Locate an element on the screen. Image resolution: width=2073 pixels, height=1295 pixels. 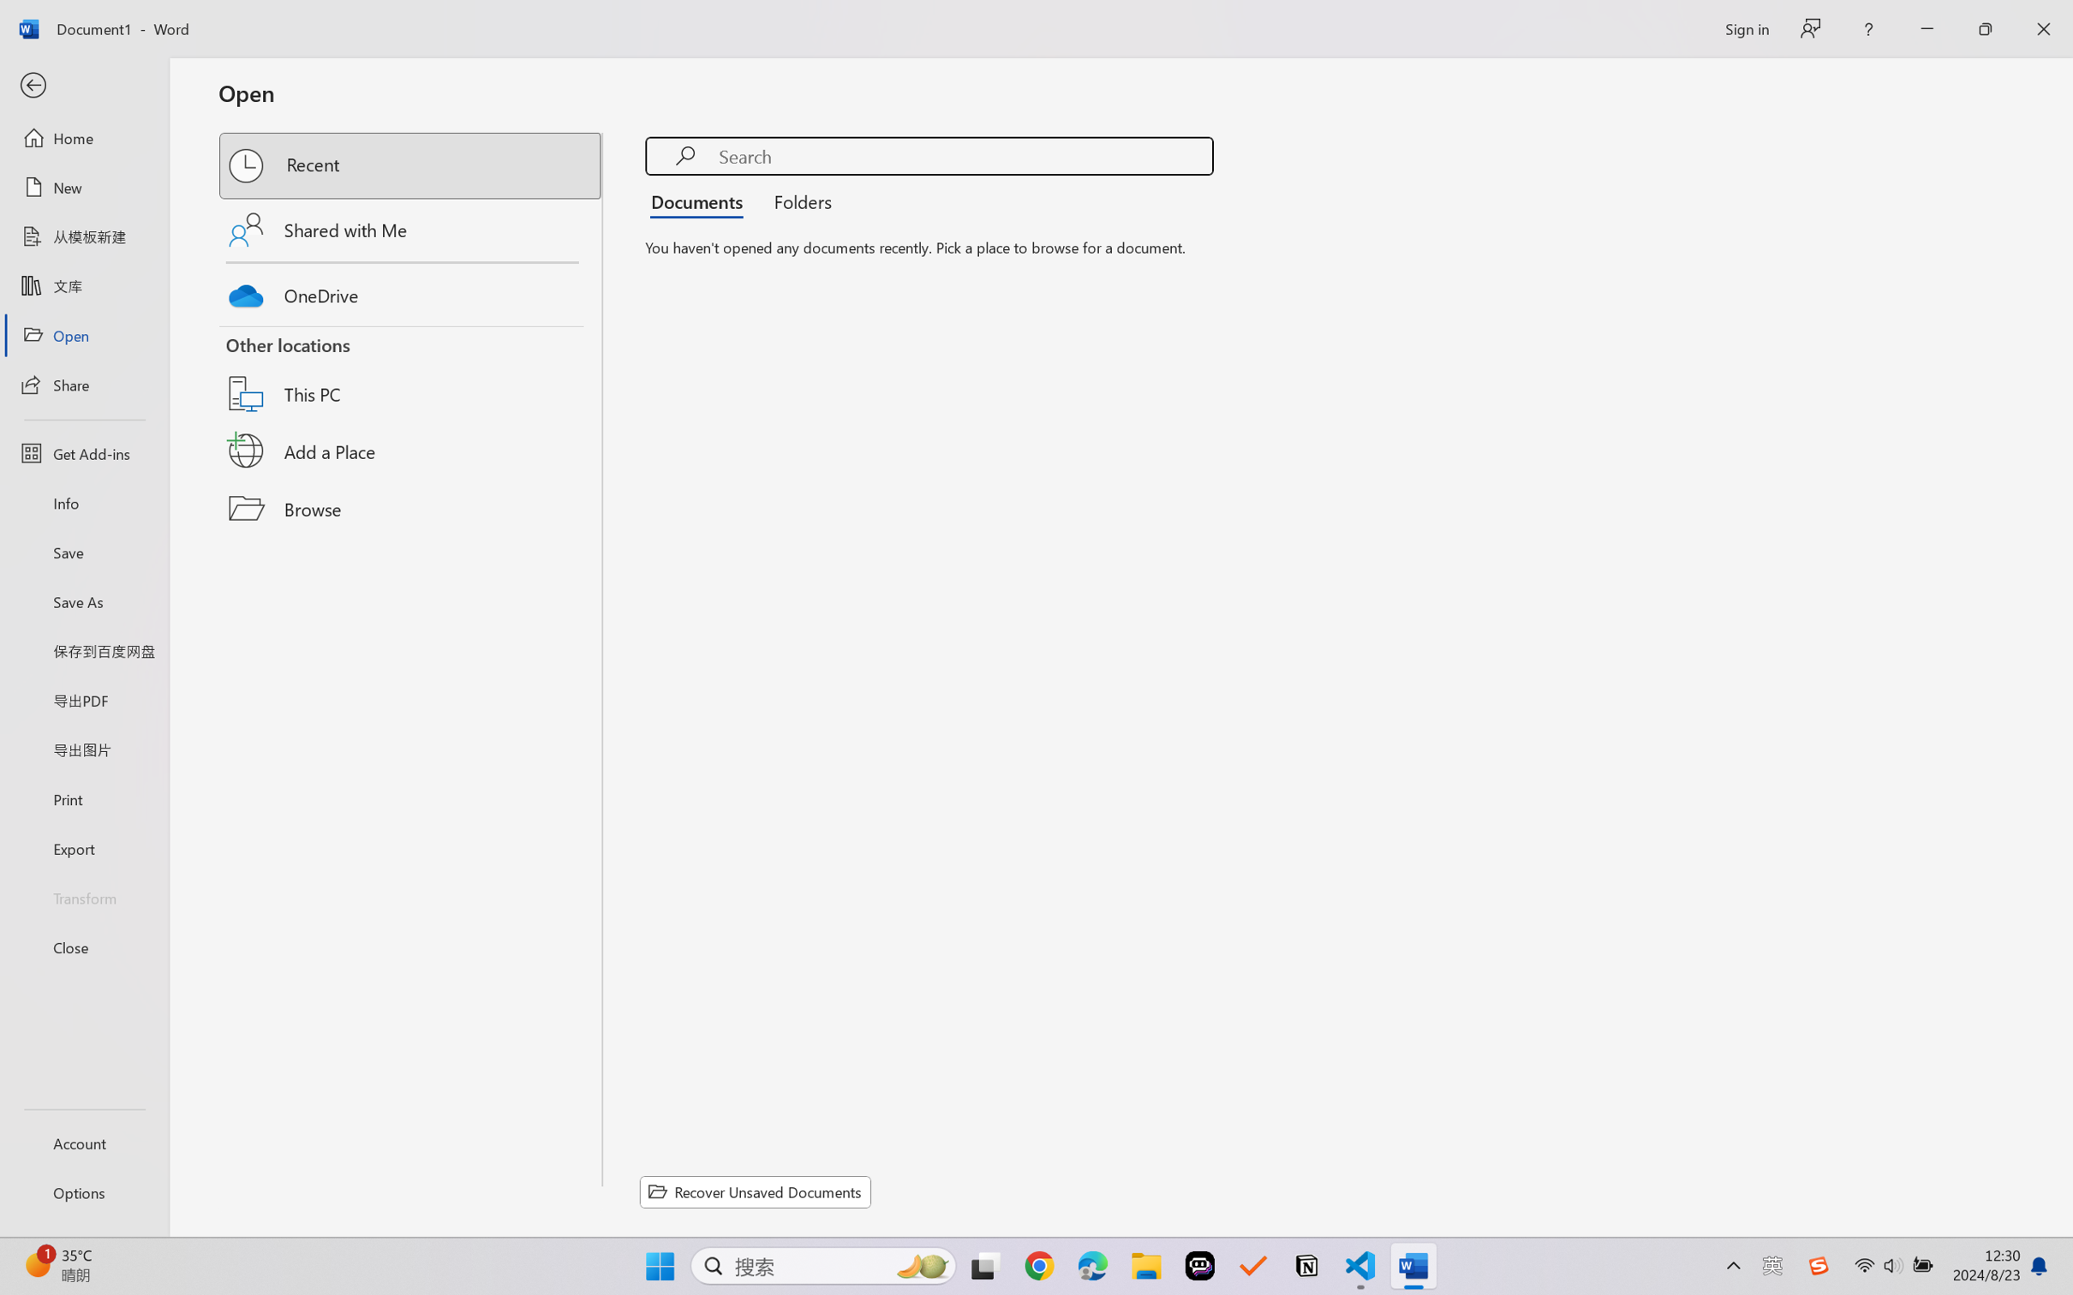
'Options' is located at coordinates (83, 1191).